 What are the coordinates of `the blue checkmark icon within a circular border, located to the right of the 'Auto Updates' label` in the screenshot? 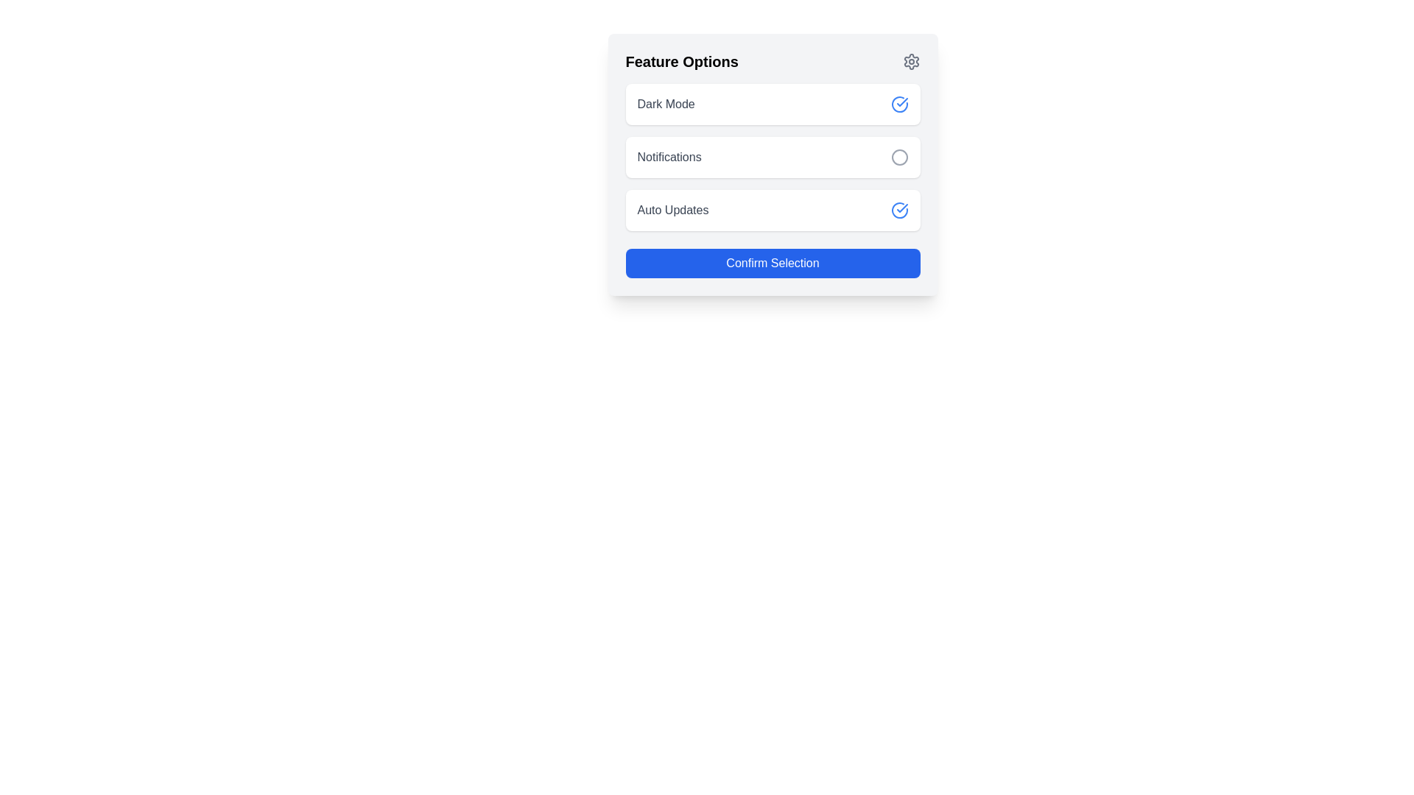 It's located at (901, 208).